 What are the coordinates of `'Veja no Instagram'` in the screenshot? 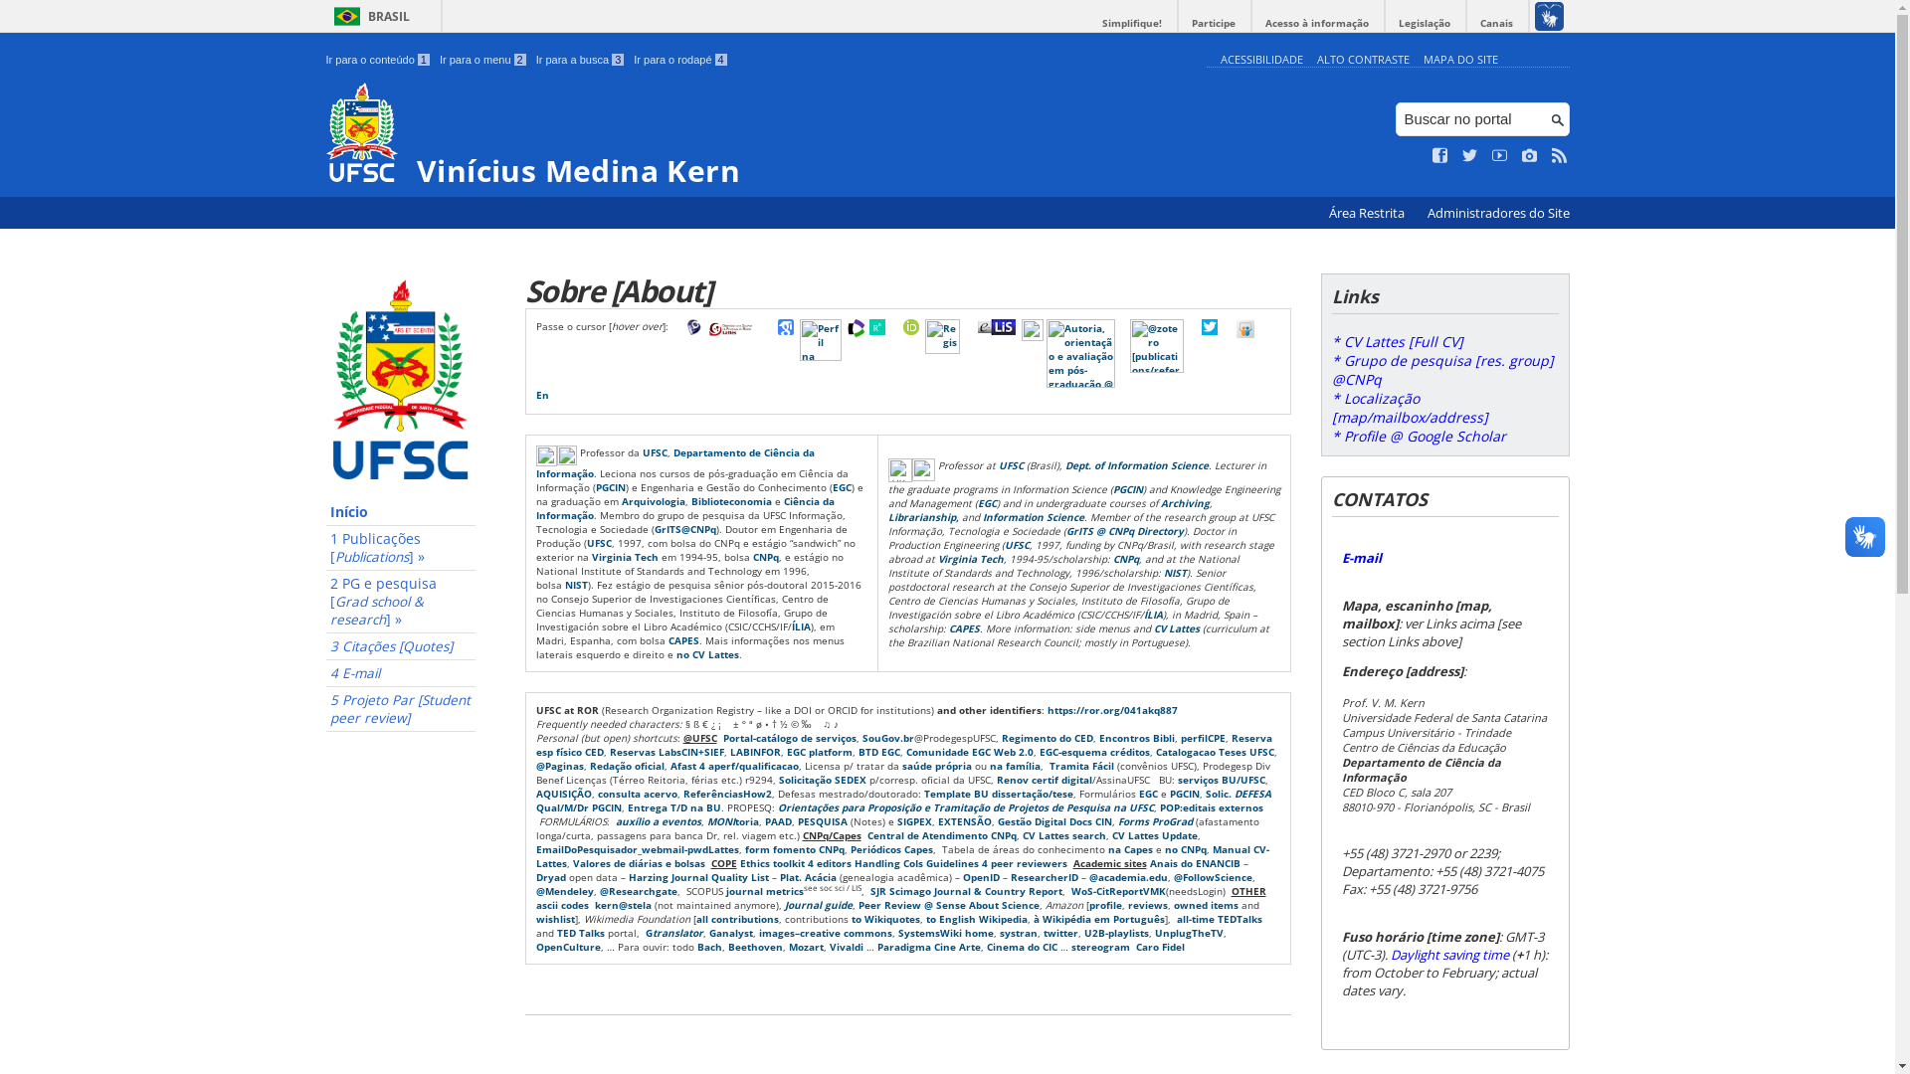 It's located at (1521, 155).